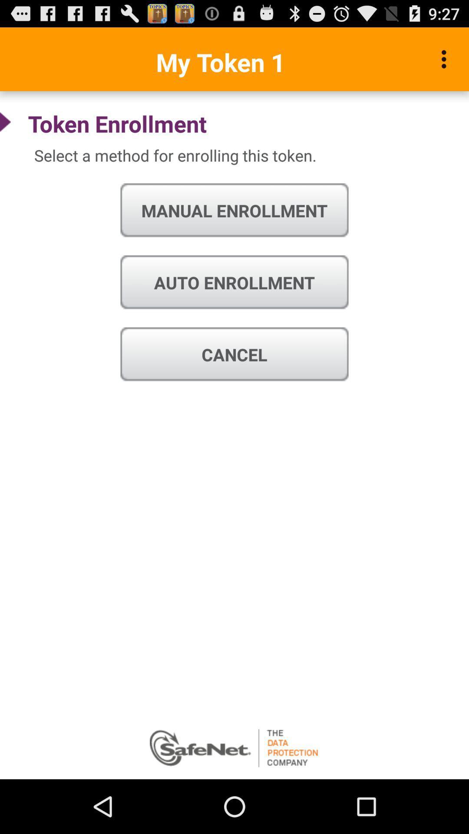 This screenshot has width=469, height=834. Describe the element at coordinates (234, 211) in the screenshot. I see `icon above auto enrollment` at that location.